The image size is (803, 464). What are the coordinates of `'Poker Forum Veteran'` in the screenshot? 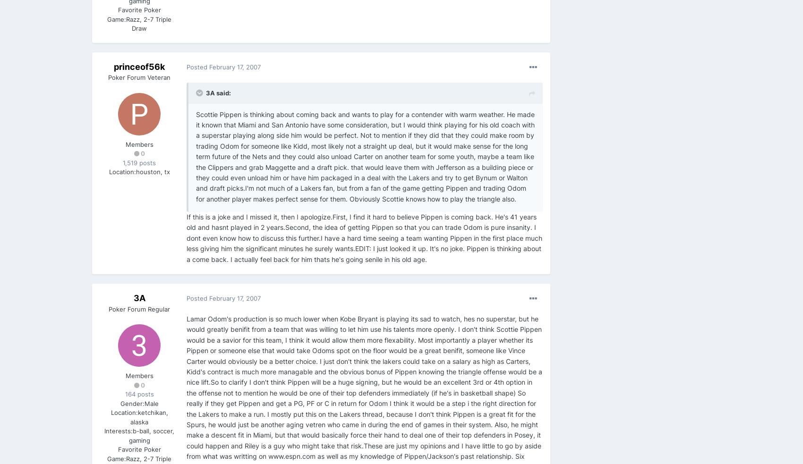 It's located at (139, 76).